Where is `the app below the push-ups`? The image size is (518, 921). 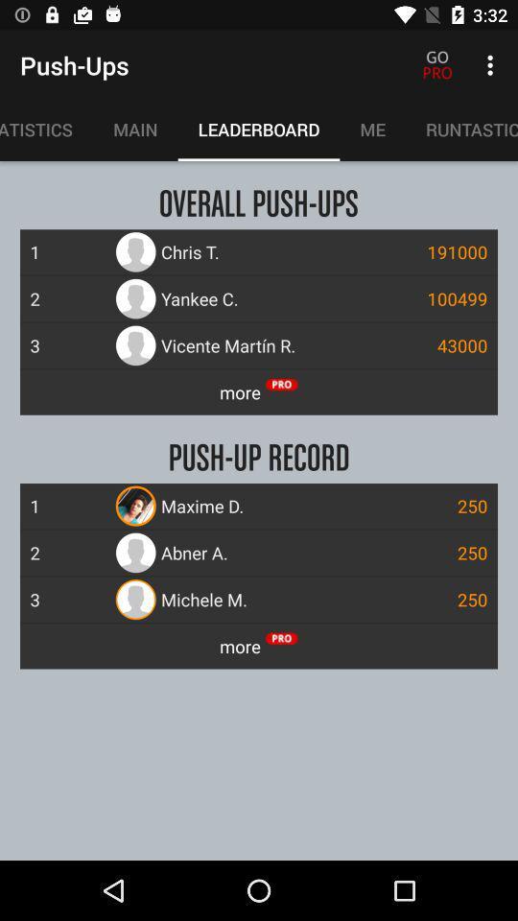
the app below the push-ups is located at coordinates (134, 129).